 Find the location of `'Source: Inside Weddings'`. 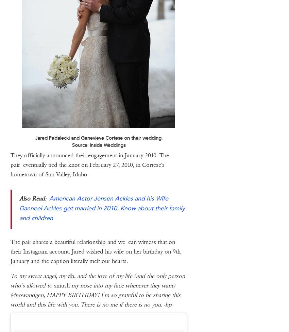

'Source: Inside Weddings' is located at coordinates (98, 144).